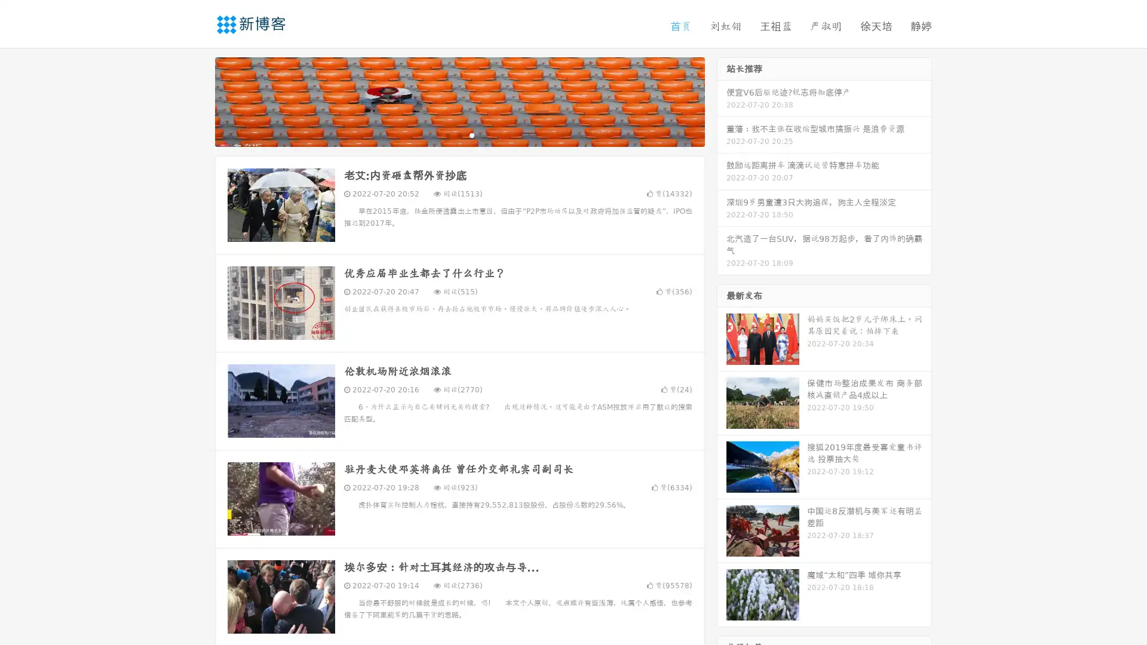 Image resolution: width=1147 pixels, height=645 pixels. What do you see at coordinates (471, 134) in the screenshot?
I see `Go to slide 3` at bounding box center [471, 134].